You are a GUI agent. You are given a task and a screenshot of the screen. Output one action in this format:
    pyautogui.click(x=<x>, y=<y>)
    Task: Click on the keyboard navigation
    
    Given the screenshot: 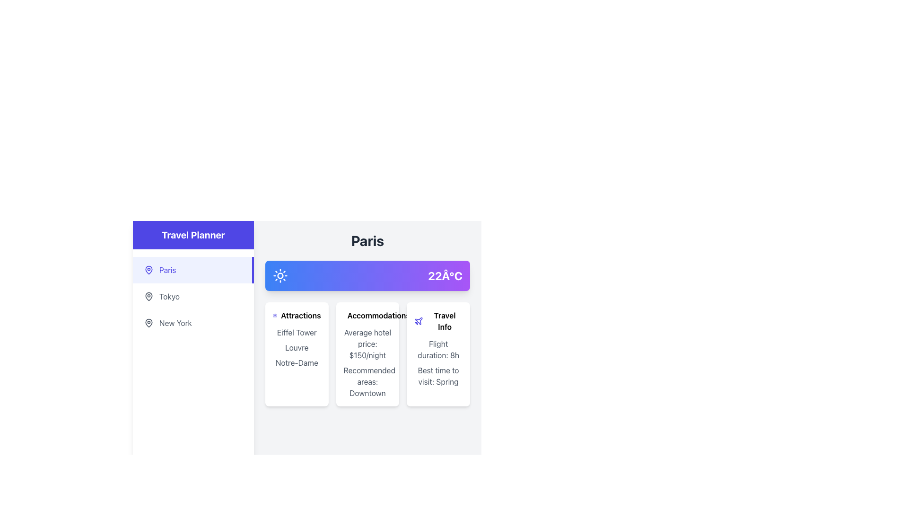 What is the action you would take?
    pyautogui.click(x=192, y=270)
    